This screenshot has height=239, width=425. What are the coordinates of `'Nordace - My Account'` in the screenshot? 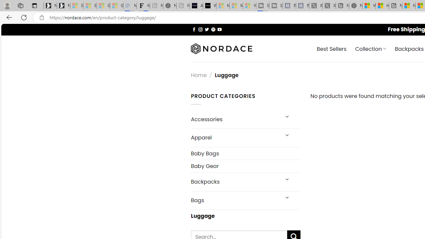 It's located at (355, 6).